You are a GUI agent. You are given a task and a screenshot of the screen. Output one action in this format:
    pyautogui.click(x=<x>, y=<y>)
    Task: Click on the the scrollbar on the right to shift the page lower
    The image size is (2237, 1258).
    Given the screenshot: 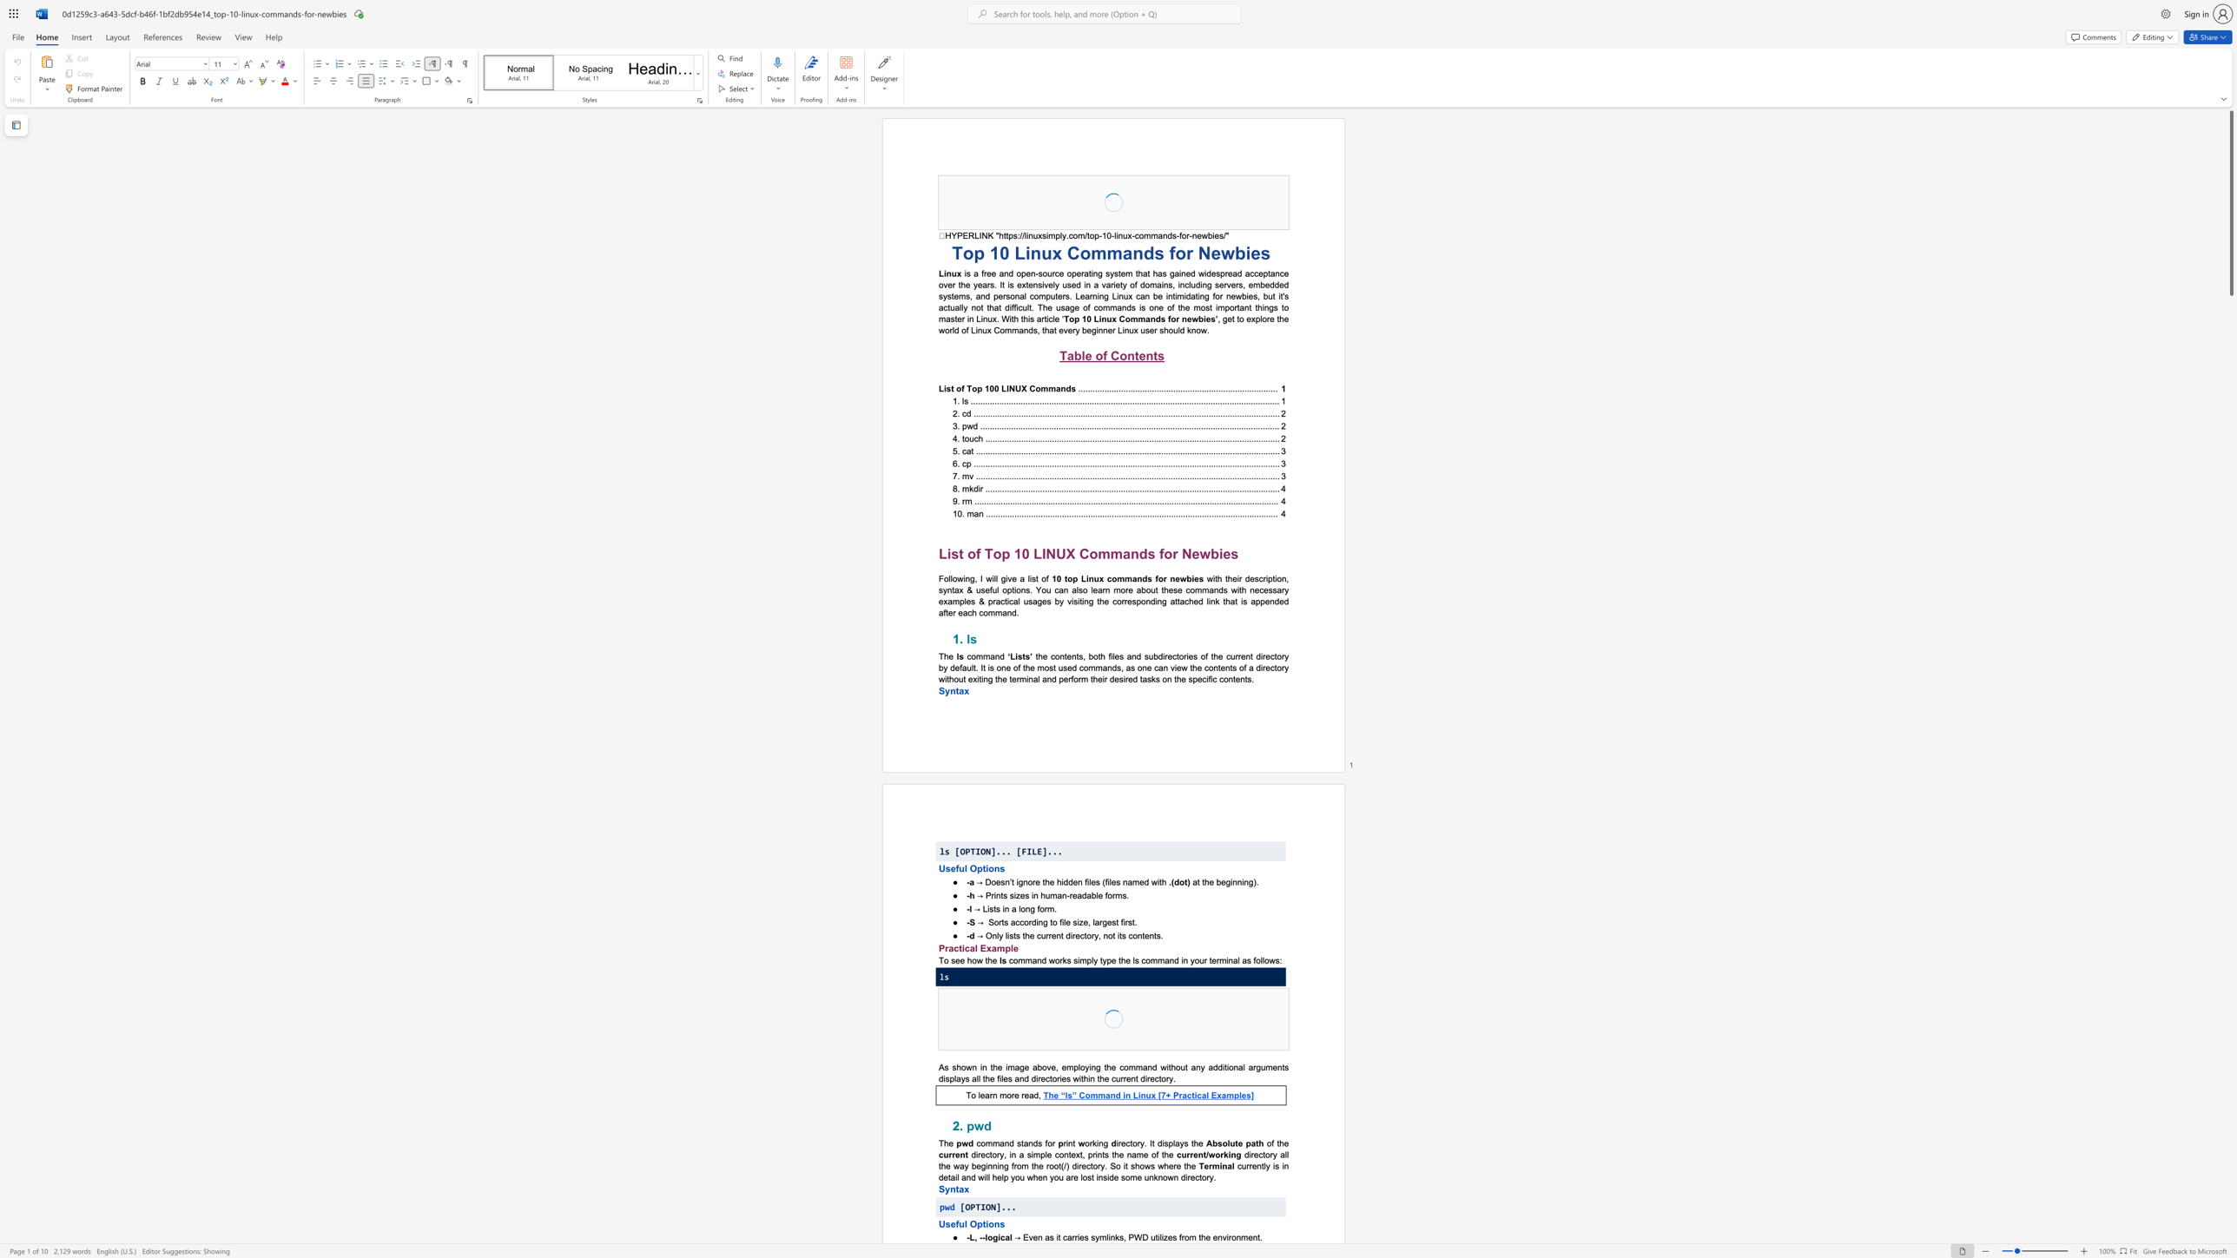 What is the action you would take?
    pyautogui.click(x=2230, y=652)
    